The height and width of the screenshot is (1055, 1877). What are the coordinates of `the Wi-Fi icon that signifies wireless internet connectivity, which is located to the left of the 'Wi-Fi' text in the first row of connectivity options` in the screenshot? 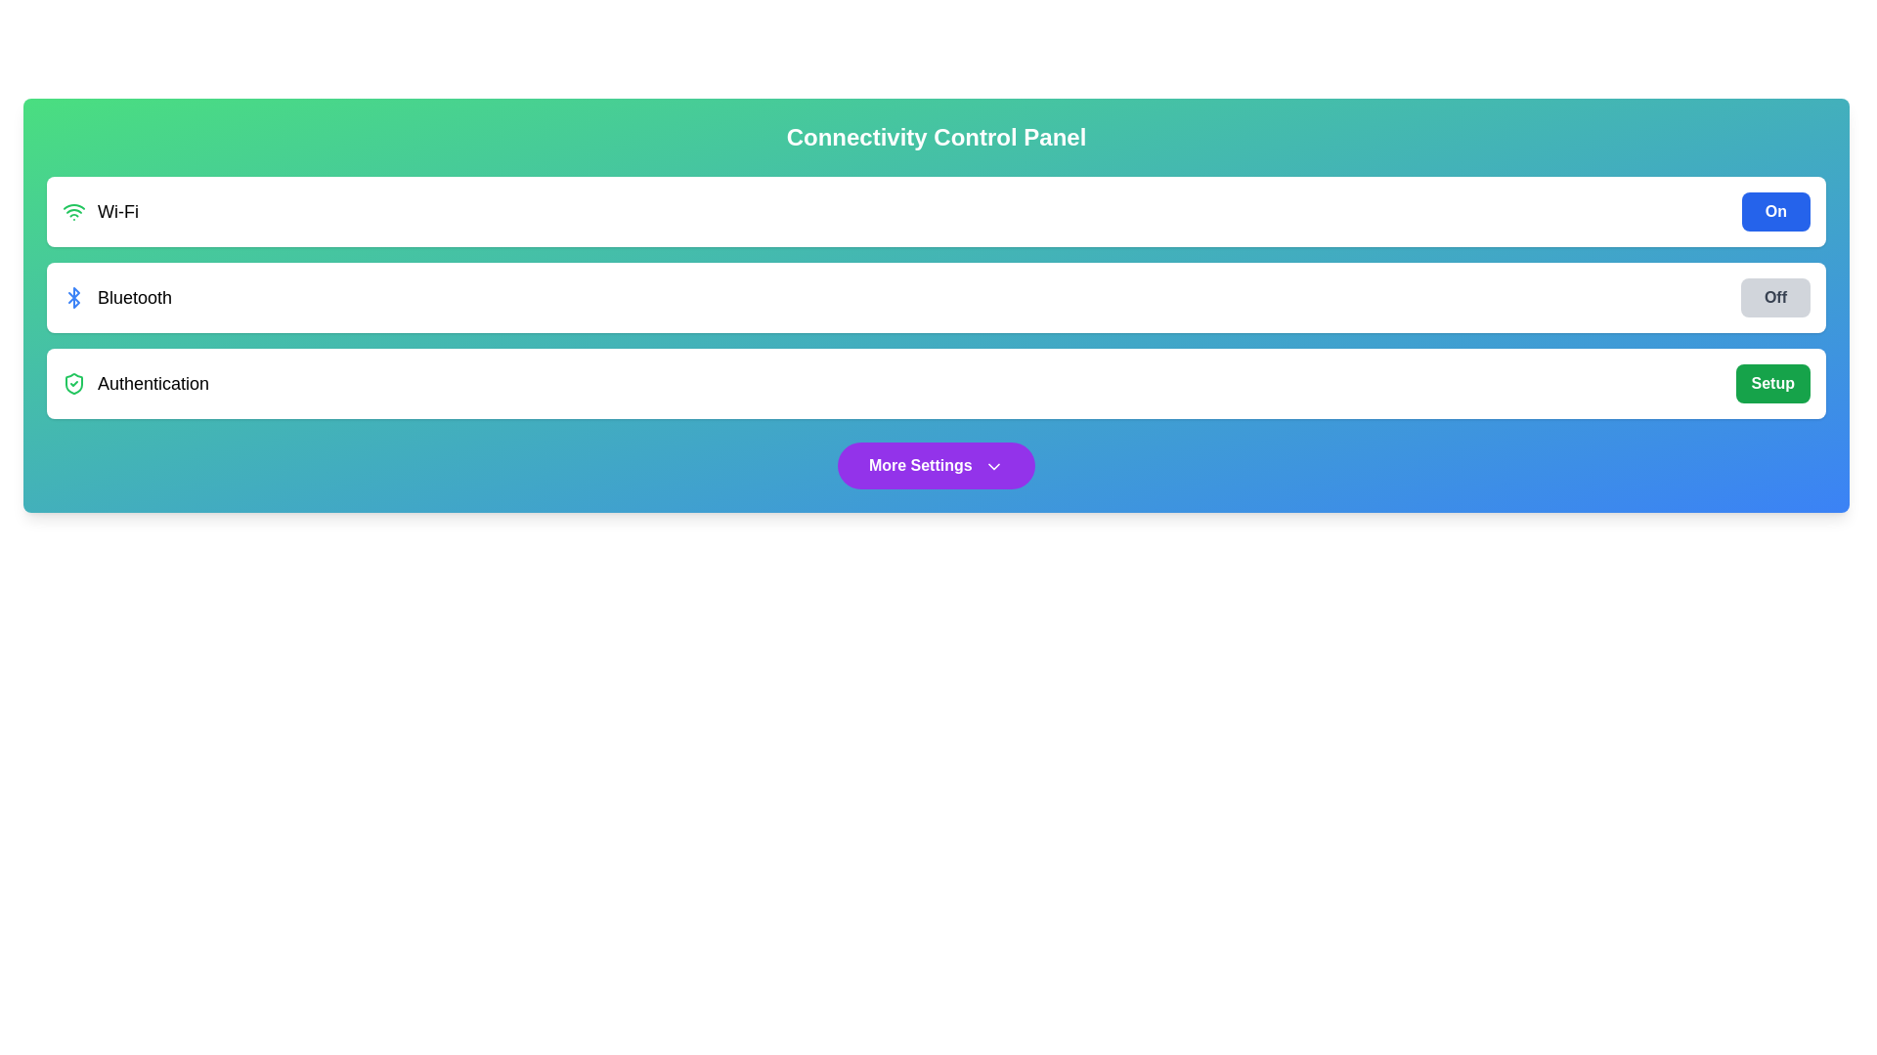 It's located at (74, 211).